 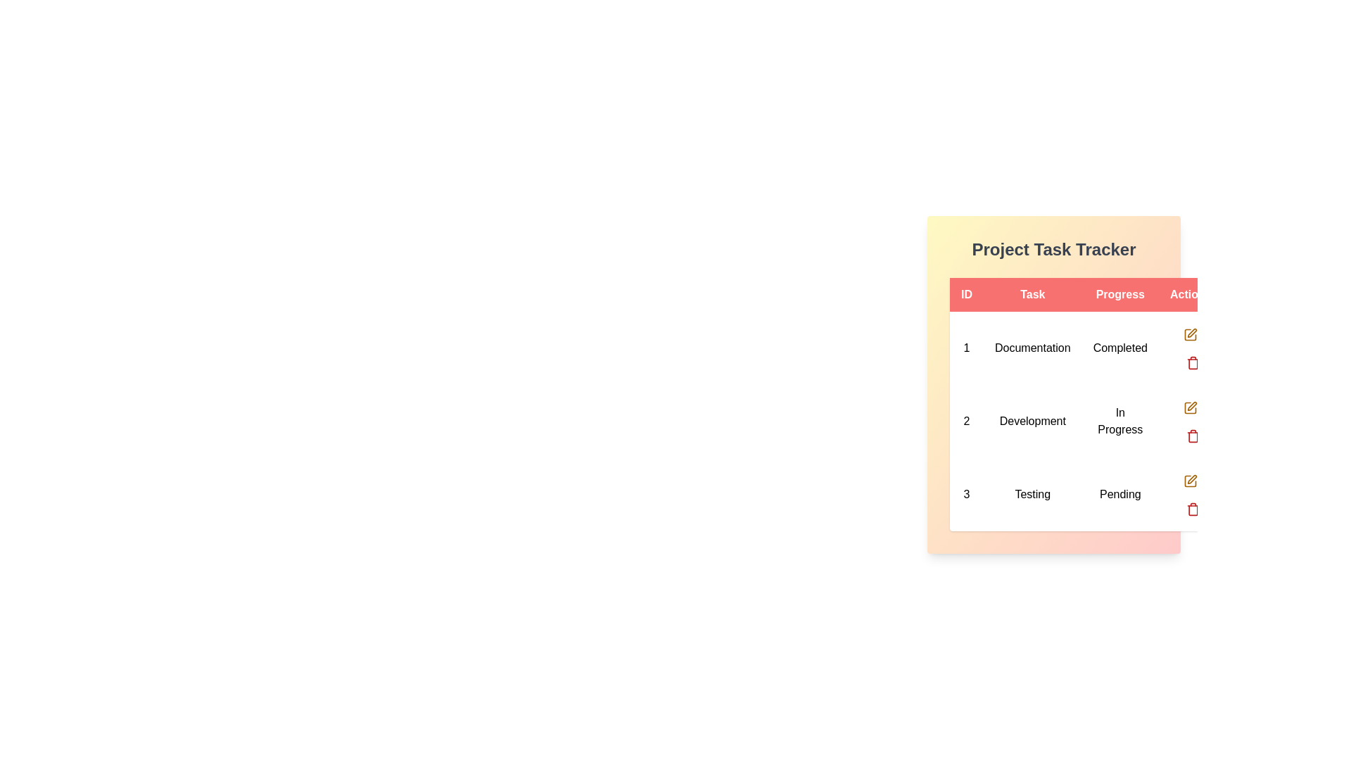 I want to click on the edit button for the task with ID 3, so click(x=1190, y=479).